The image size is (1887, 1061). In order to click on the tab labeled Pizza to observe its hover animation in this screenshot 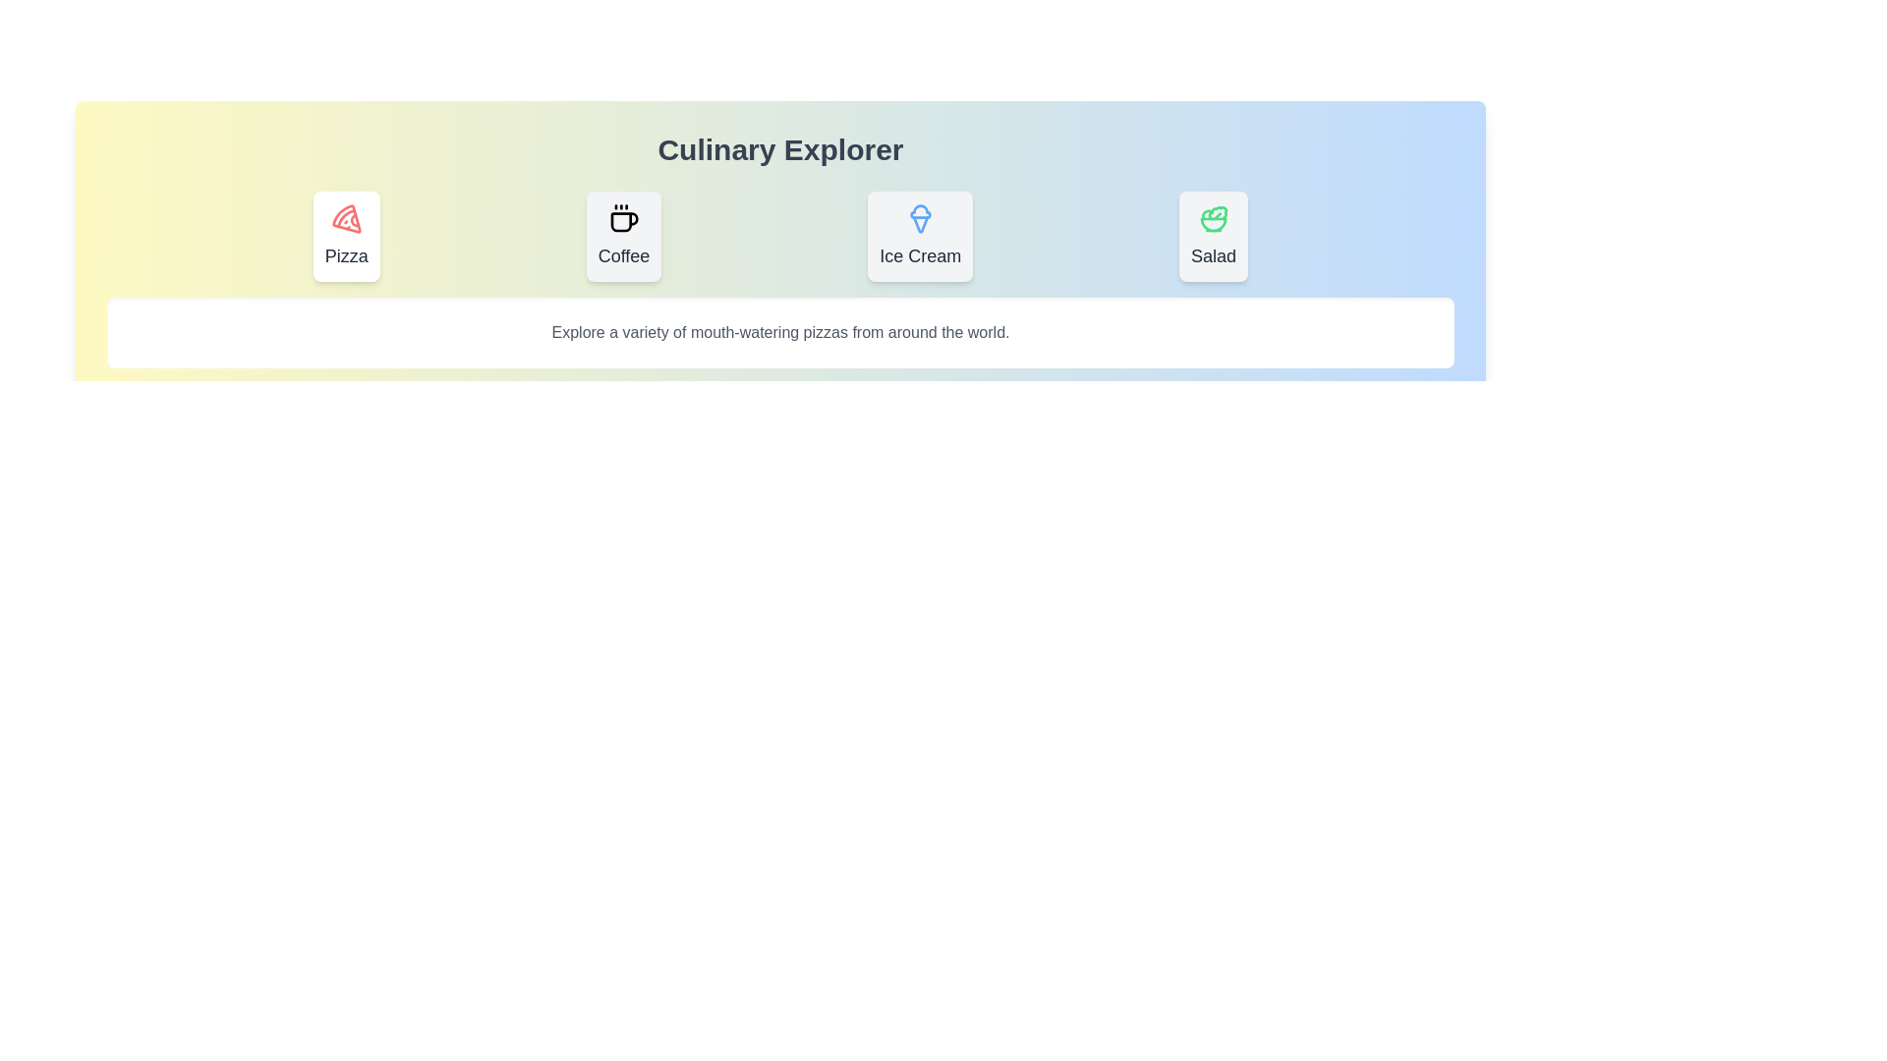, I will do `click(346, 235)`.